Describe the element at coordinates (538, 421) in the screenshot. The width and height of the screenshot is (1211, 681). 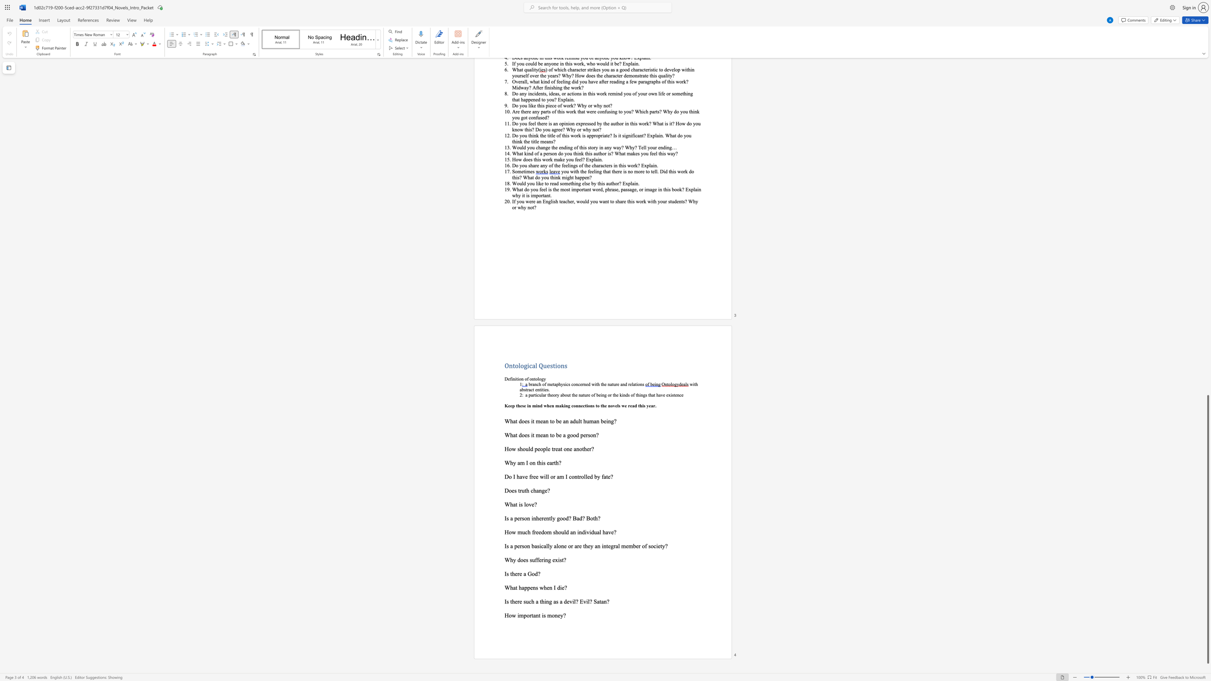
I see `the 1th character "m" in the text` at that location.